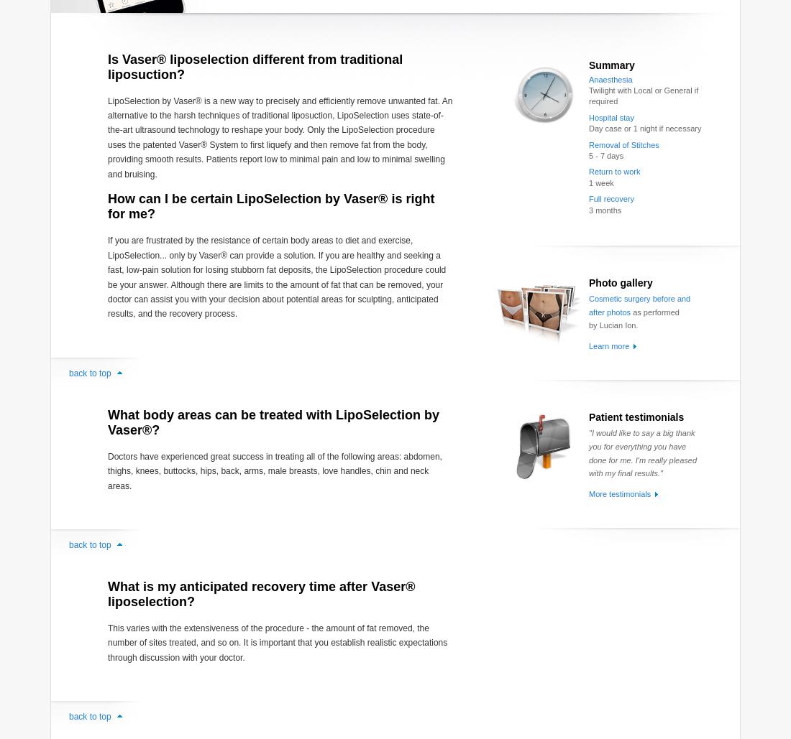 Image resolution: width=791 pixels, height=739 pixels. I want to click on 'What is my anticipated recovery time after Vaser® liposelection?', so click(107, 592).